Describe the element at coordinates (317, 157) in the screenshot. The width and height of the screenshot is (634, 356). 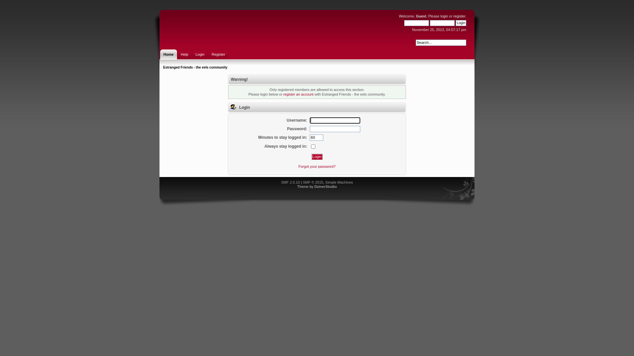
I see `'Login'` at that location.